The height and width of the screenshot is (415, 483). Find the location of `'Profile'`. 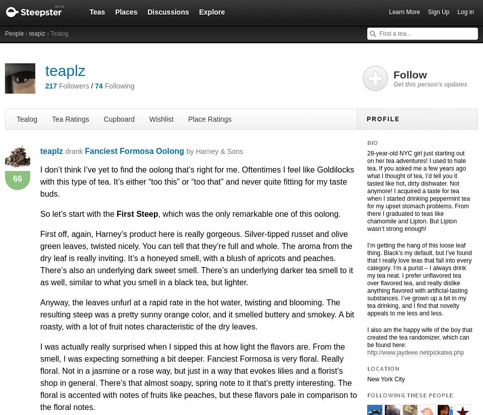

'Profile' is located at coordinates (382, 119).